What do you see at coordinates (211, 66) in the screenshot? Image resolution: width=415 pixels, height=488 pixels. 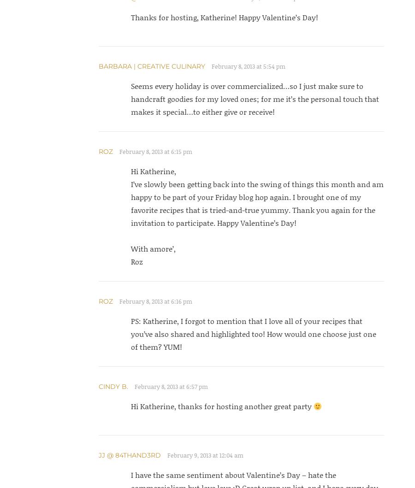 I see `'February 8, 2013 at 5:54 pm'` at bounding box center [211, 66].